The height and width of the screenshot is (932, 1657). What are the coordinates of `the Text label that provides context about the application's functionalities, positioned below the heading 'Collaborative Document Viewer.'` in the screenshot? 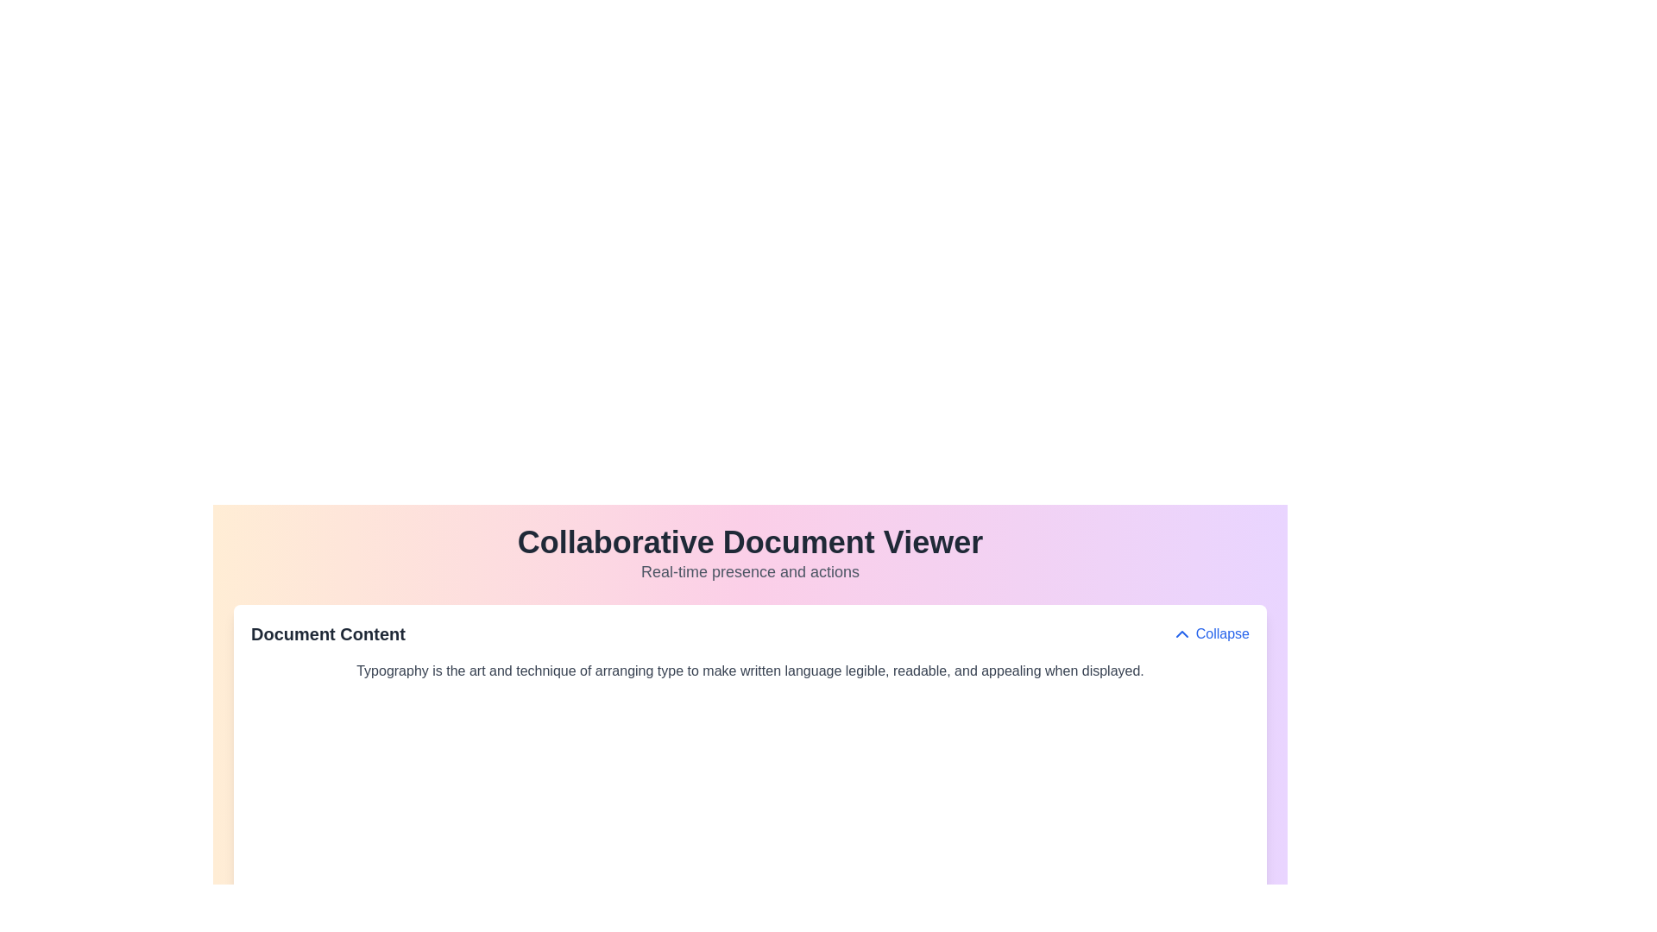 It's located at (750, 572).